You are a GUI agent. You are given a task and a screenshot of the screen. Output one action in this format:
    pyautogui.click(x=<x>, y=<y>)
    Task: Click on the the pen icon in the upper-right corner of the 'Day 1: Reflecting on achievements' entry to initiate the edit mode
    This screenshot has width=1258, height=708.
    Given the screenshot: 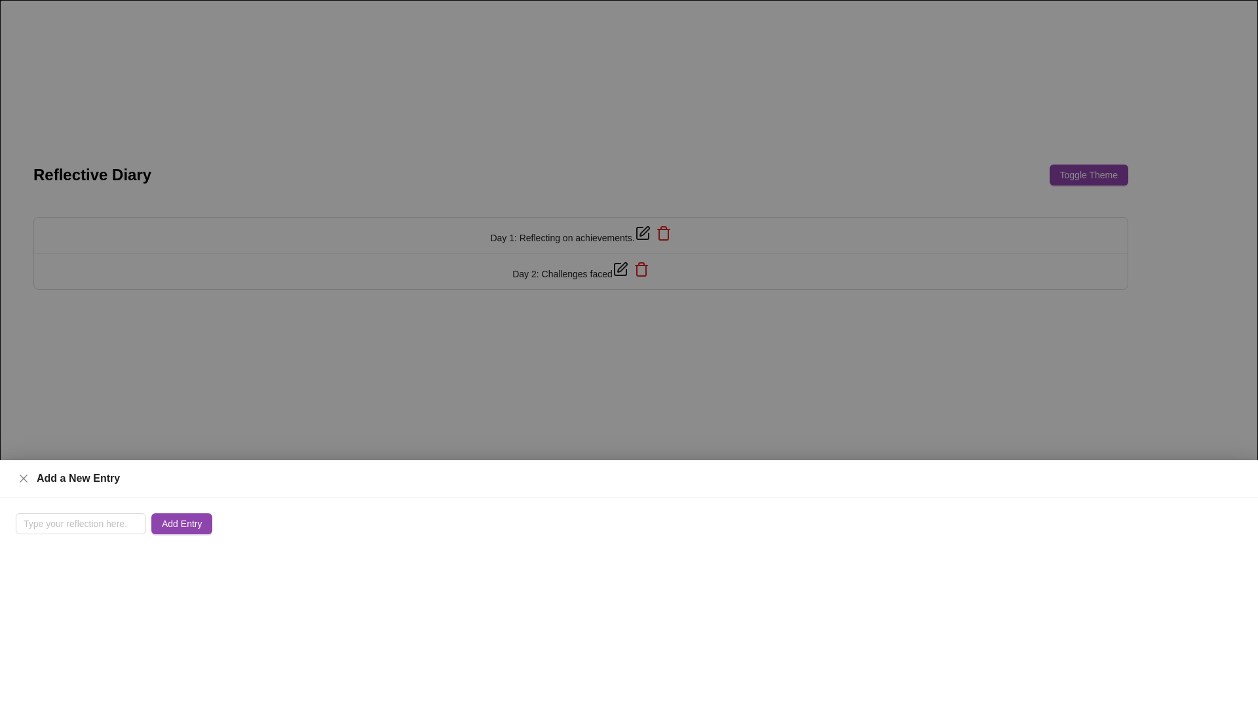 What is the action you would take?
    pyautogui.click(x=644, y=231)
    